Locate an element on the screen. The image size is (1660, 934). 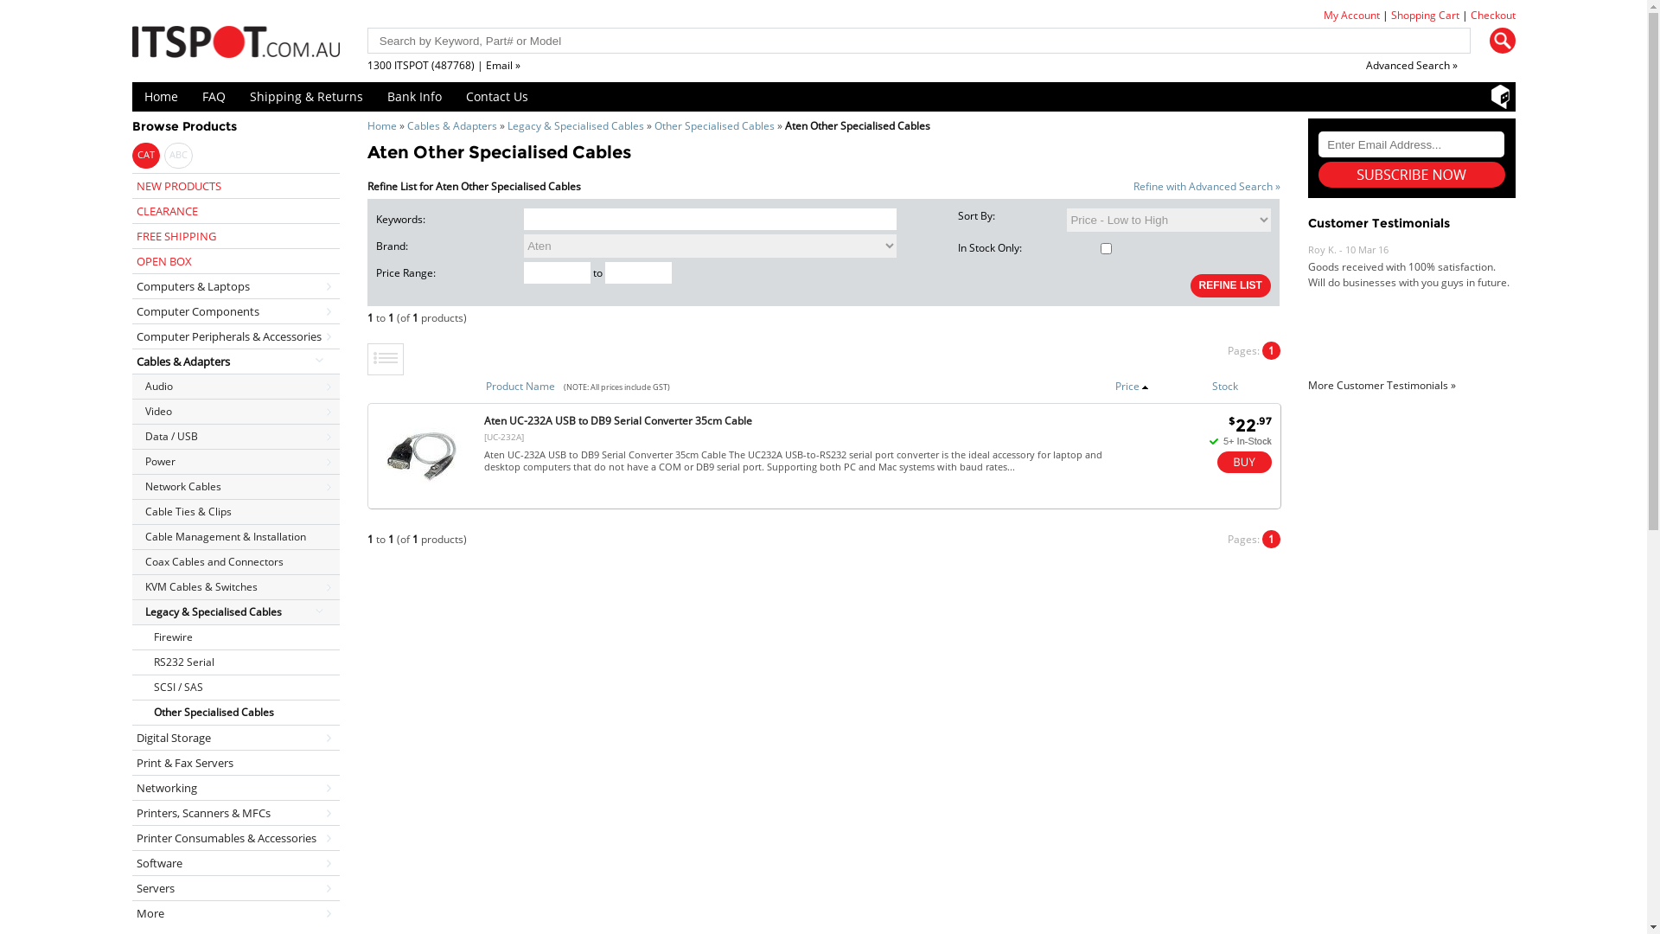
'Shopbot' is located at coordinates (1498, 96).